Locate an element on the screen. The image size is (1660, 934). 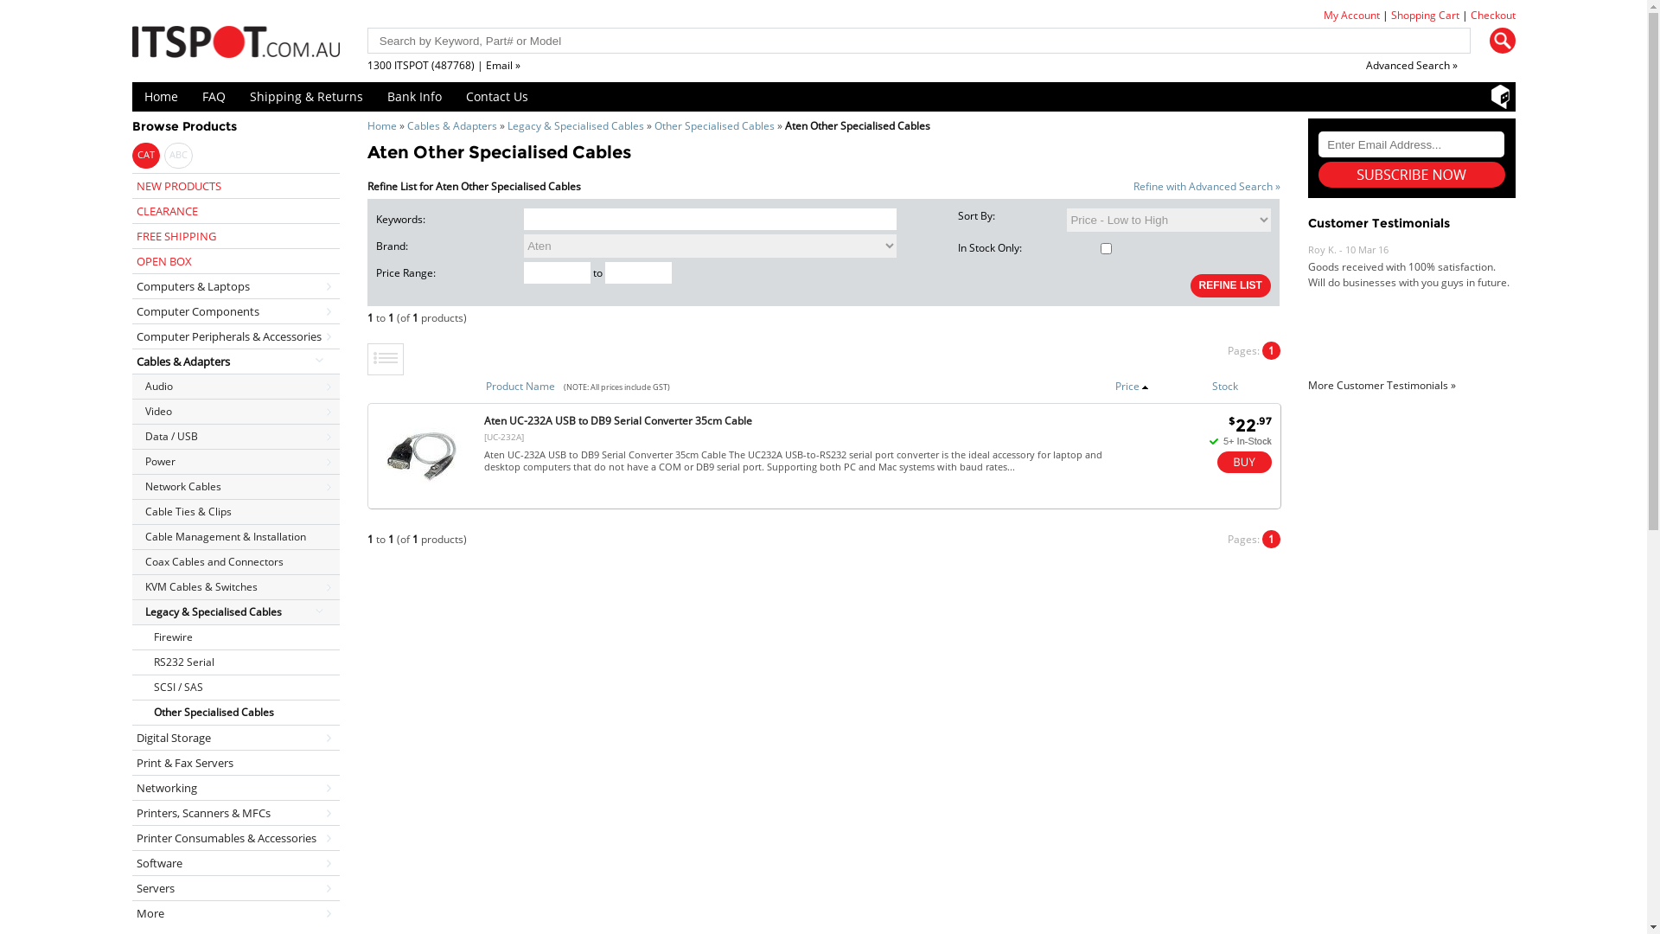
'Shopbot' is located at coordinates (1498, 96).